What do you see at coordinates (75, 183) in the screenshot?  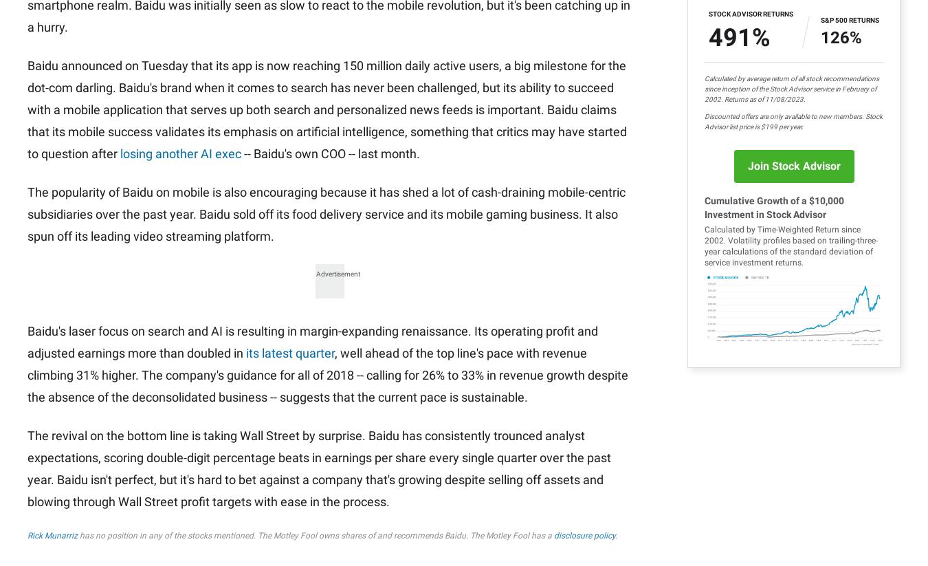 I see `'Market data powered by'` at bounding box center [75, 183].